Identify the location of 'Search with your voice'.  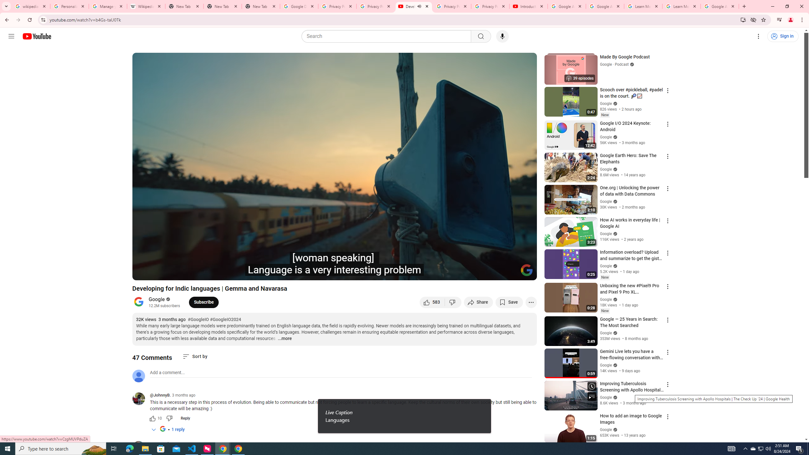
(502, 36).